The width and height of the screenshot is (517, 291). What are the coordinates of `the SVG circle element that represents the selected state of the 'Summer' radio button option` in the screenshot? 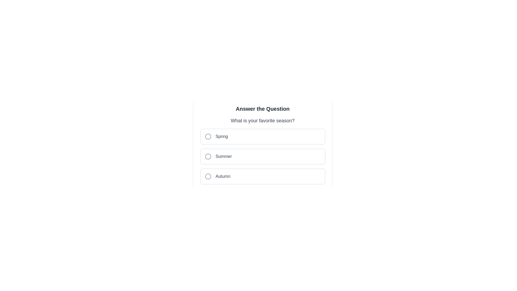 It's located at (208, 157).